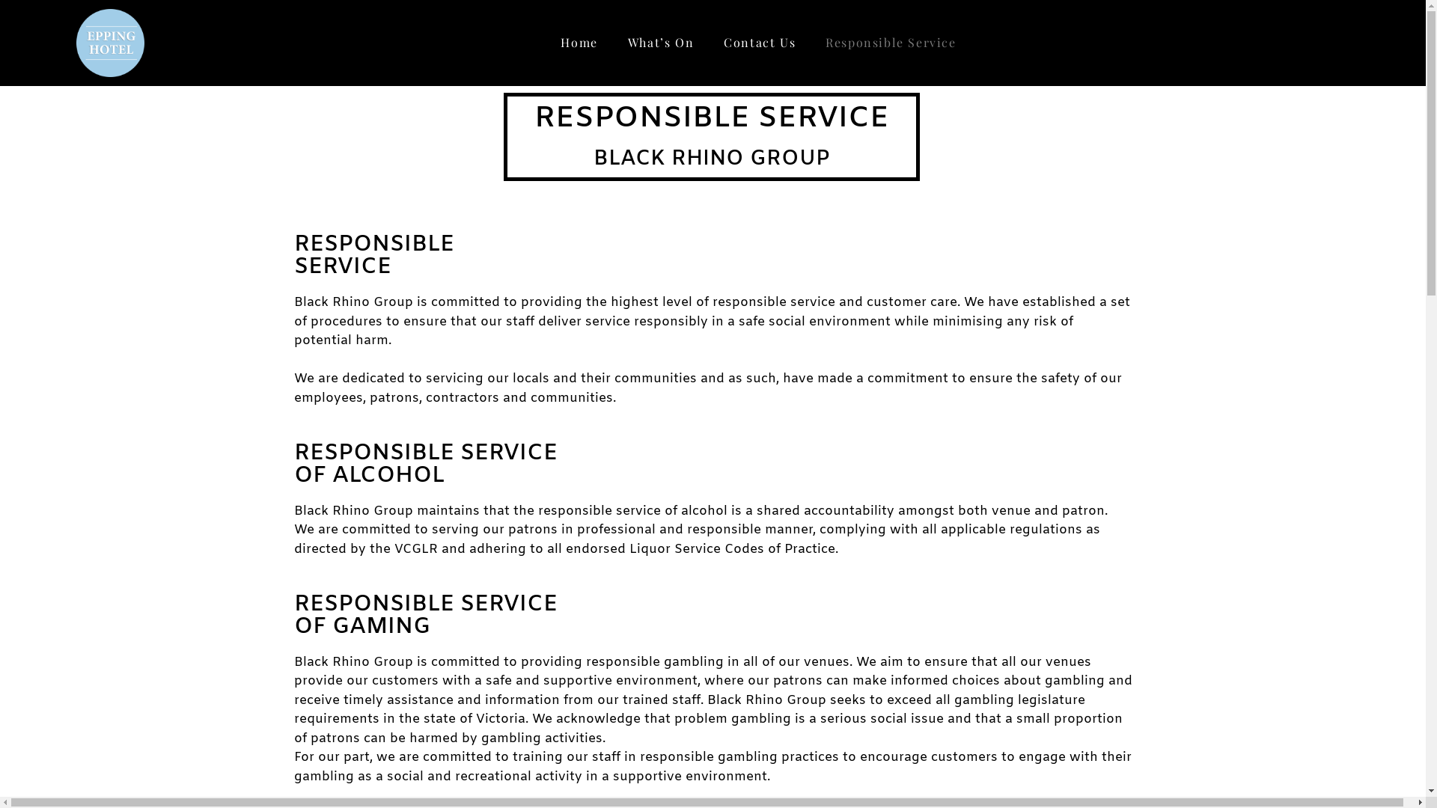 Image resolution: width=1437 pixels, height=808 pixels. Describe the element at coordinates (759, 42) in the screenshot. I see `'Contact Us'` at that location.